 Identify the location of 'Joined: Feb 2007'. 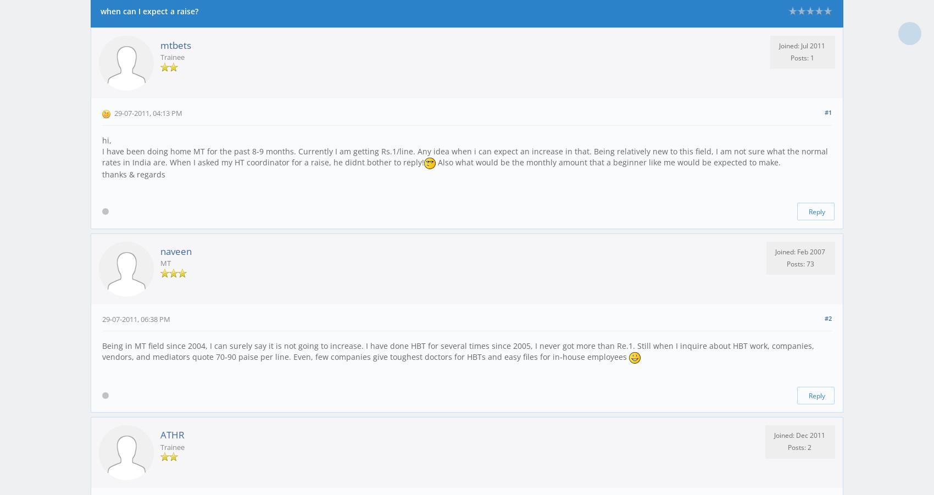
(775, 251).